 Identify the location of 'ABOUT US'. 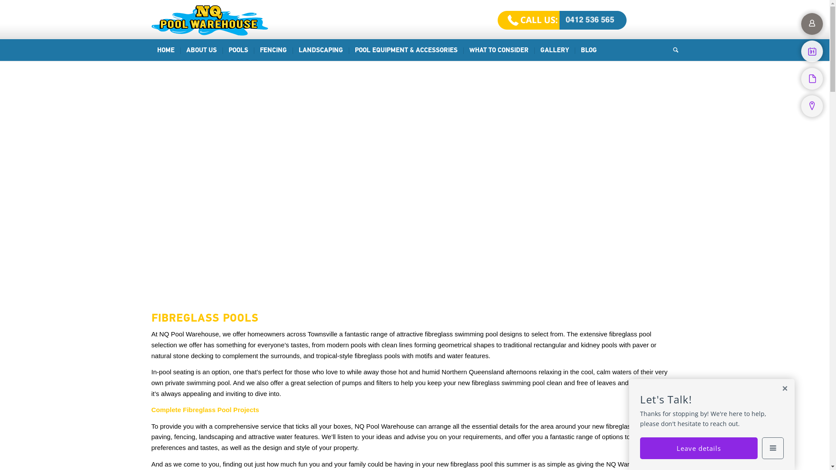
(201, 50).